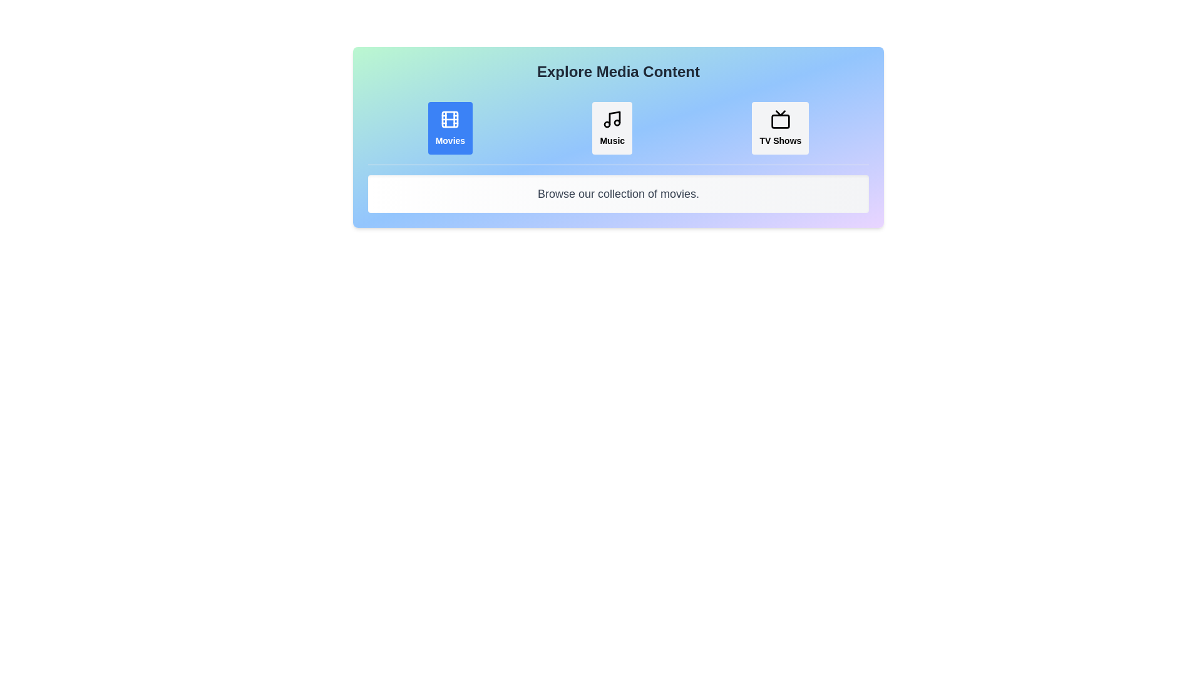 This screenshot has width=1202, height=676. I want to click on the leftmost rounded rectangular blue button with white text labeled 'Movies', so click(450, 128).